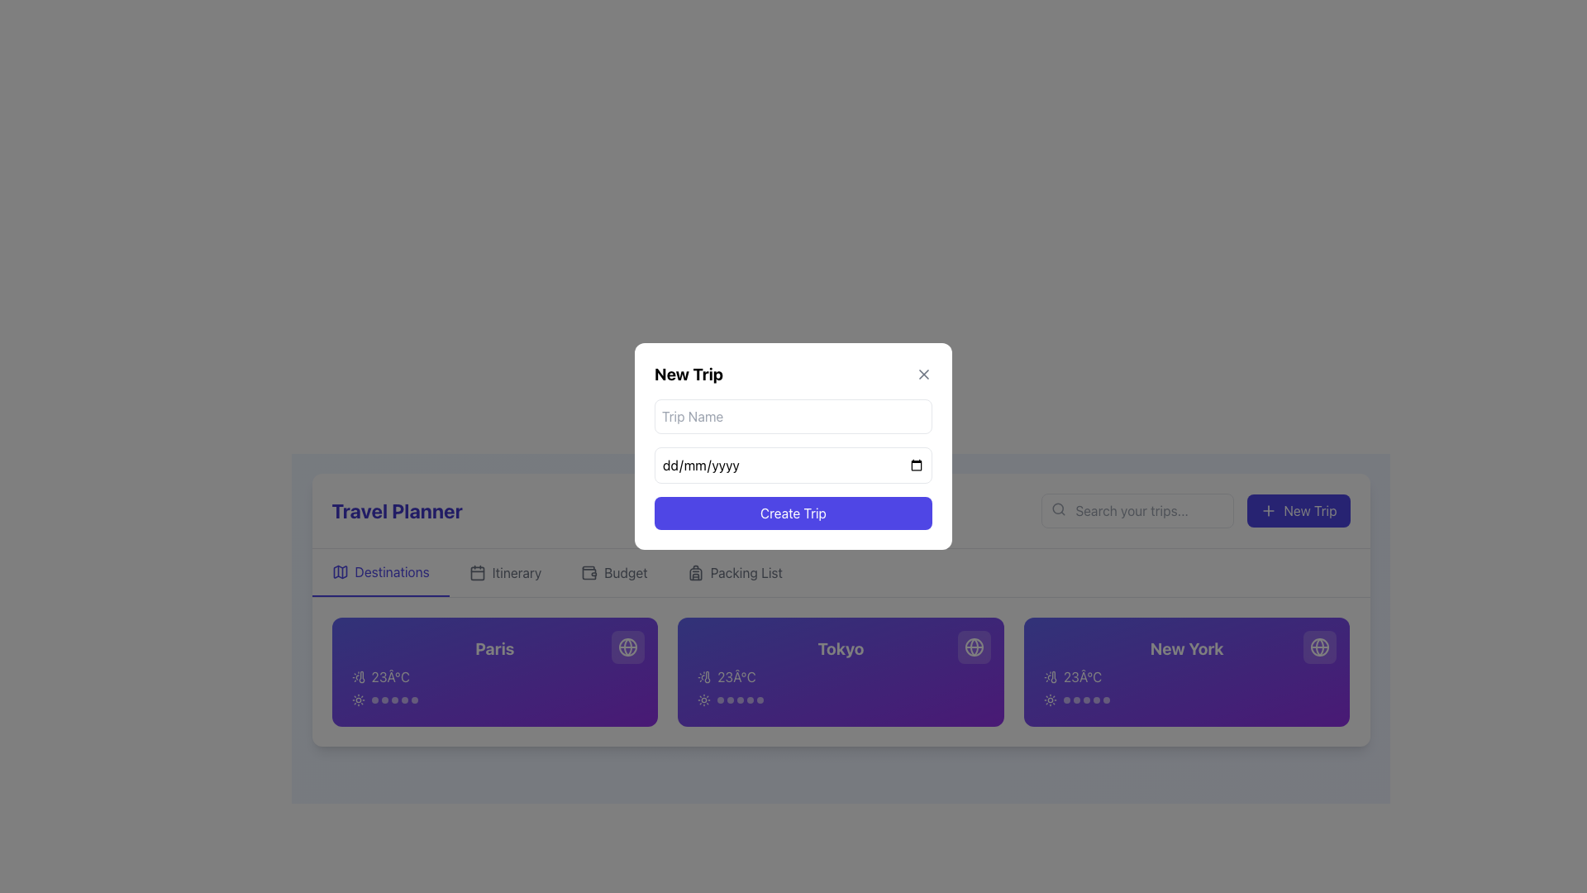 The image size is (1587, 893). What do you see at coordinates (745, 572) in the screenshot?
I see `the 'Packing List' text label which is the last item in the navigation menu below the 'New Trip' modal, adjacent to a backpack icon` at bounding box center [745, 572].